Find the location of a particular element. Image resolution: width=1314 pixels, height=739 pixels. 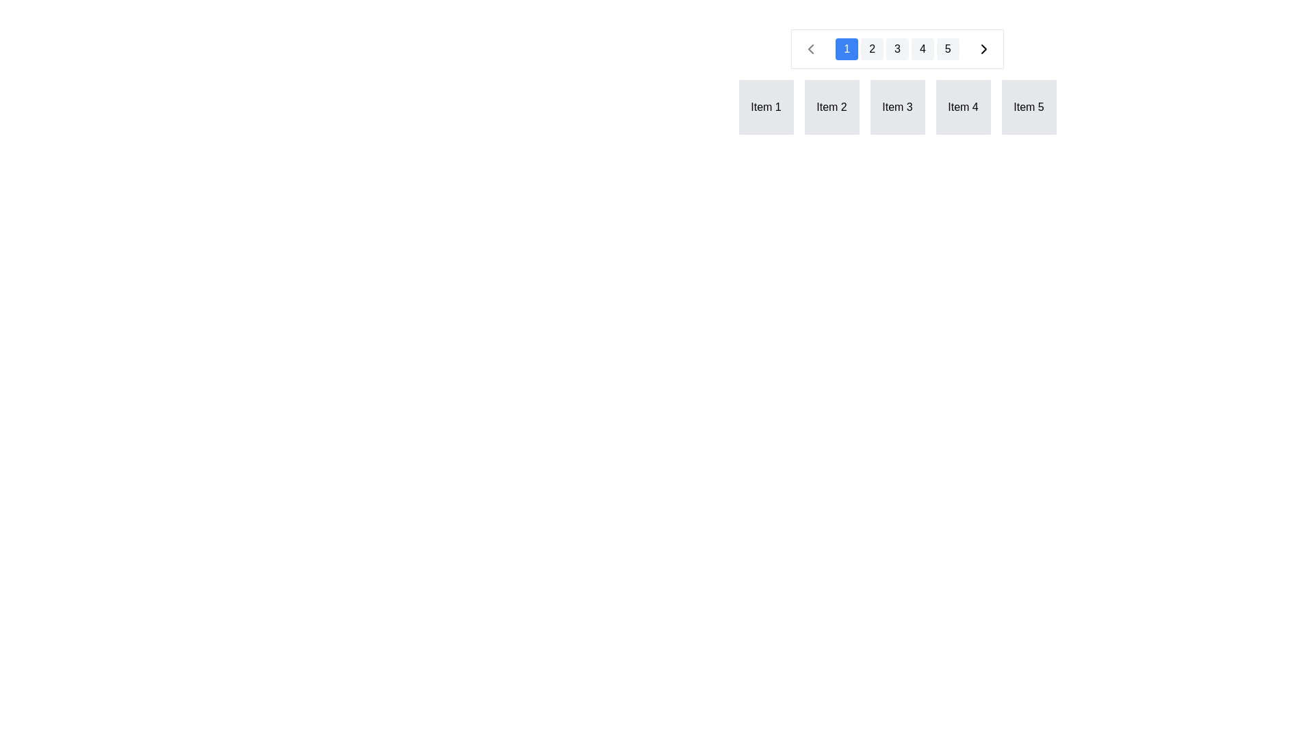

the gray rectangular button labeled 'Item 1' is located at coordinates (765, 107).